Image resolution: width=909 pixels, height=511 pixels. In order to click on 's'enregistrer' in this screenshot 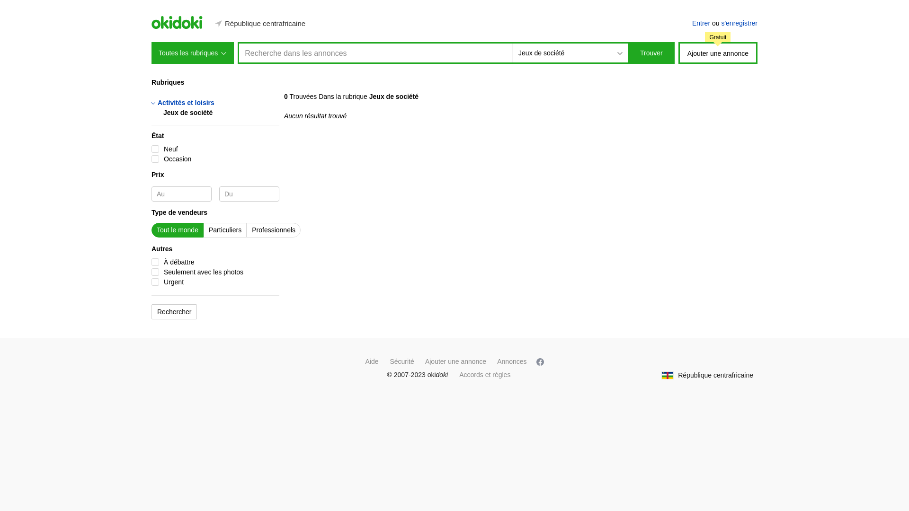, I will do `click(739, 23)`.